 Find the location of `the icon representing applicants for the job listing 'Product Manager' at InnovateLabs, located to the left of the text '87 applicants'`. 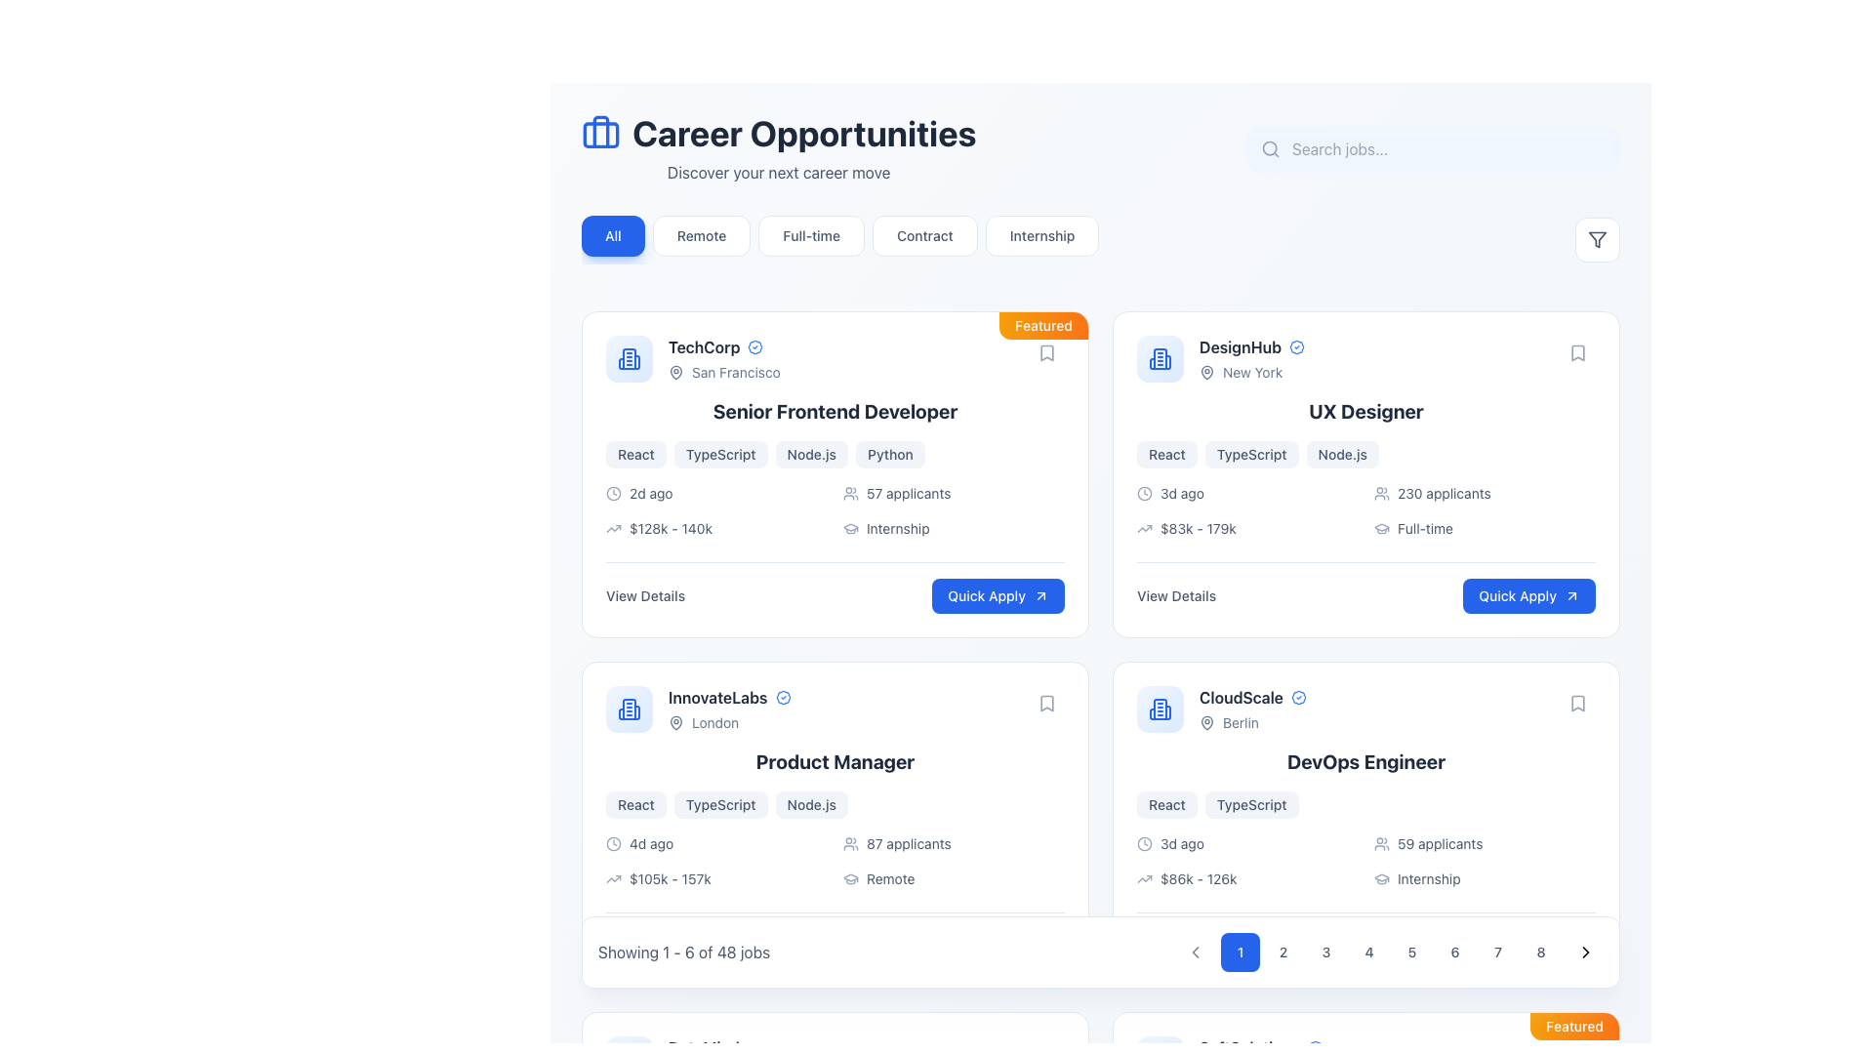

the icon representing applicants for the job listing 'Product Manager' at InnovateLabs, located to the left of the text '87 applicants' is located at coordinates (851, 842).